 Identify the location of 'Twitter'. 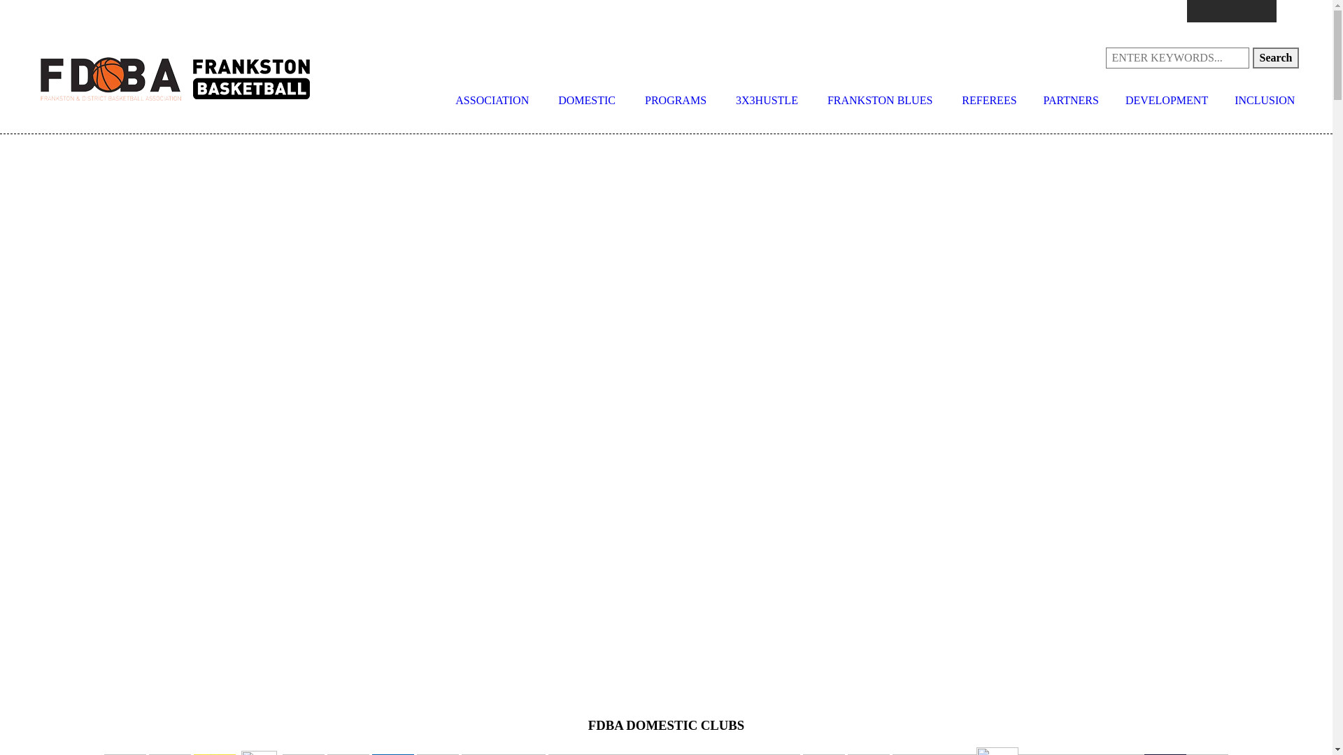
(1242, 10).